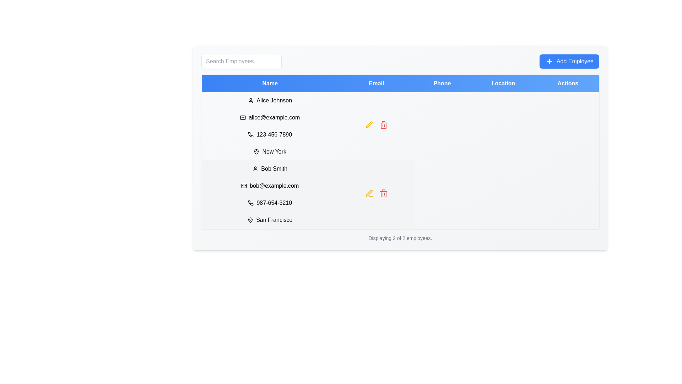 The height and width of the screenshot is (384, 682). Describe the element at coordinates (383, 194) in the screenshot. I see `the trash bin icon in the Actions column of the second row of the employee table` at that location.